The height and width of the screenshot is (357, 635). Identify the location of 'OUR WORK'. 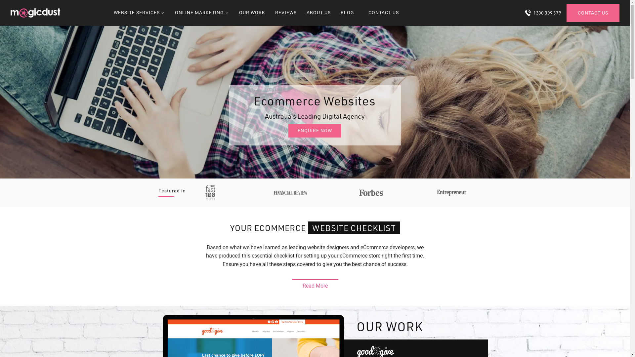
(252, 13).